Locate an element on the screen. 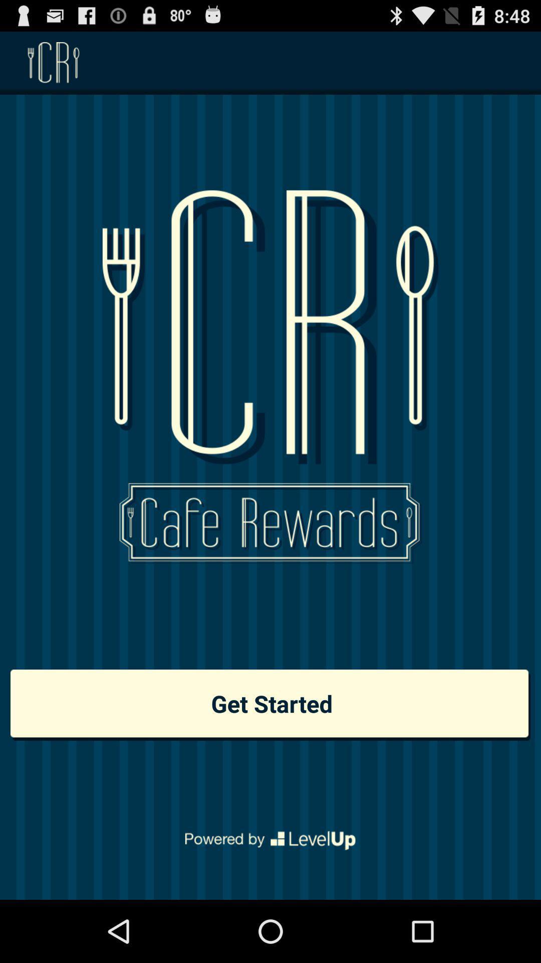 Image resolution: width=541 pixels, height=963 pixels. the get started is located at coordinates (270, 704).